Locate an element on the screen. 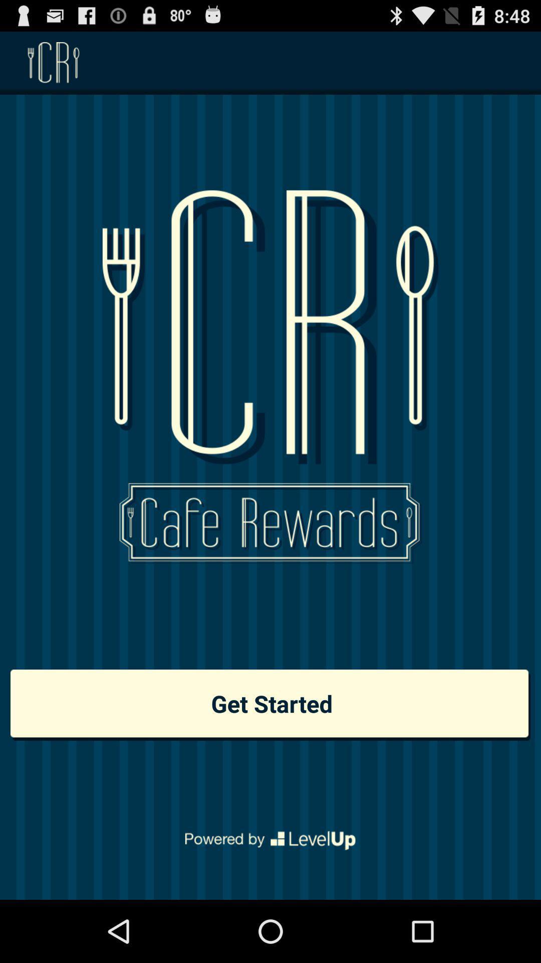 Image resolution: width=541 pixels, height=963 pixels. the get started is located at coordinates (270, 704).